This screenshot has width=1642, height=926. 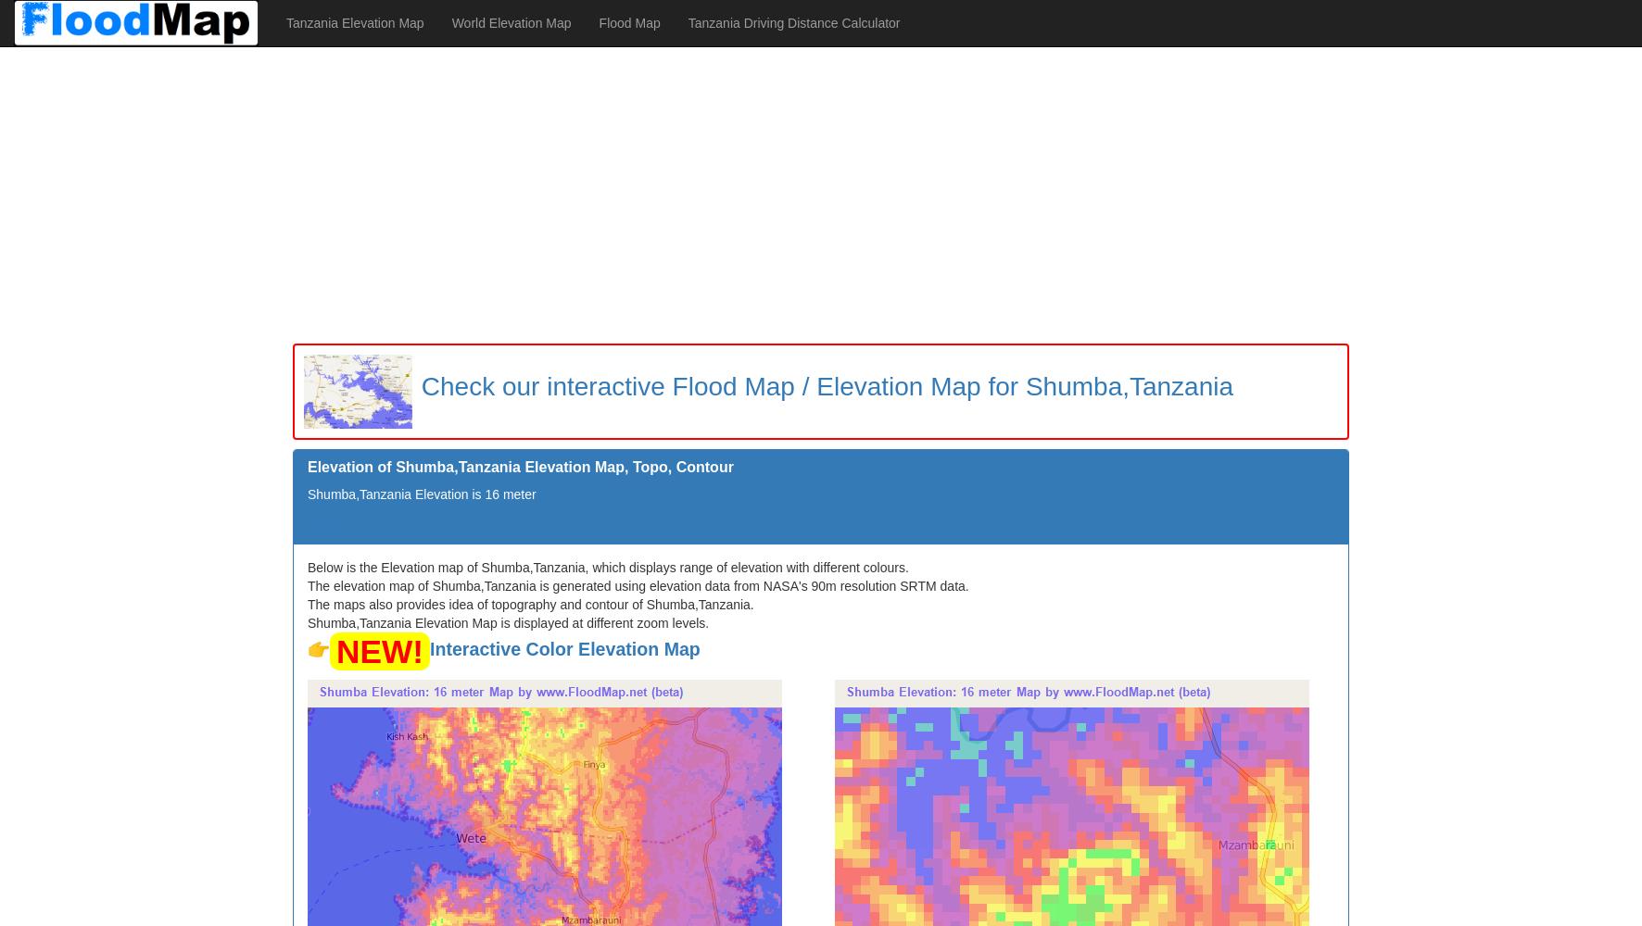 I want to click on 'The maps also provides idea of topography and contour of Shumba,Tanzania.', so click(x=530, y=604).